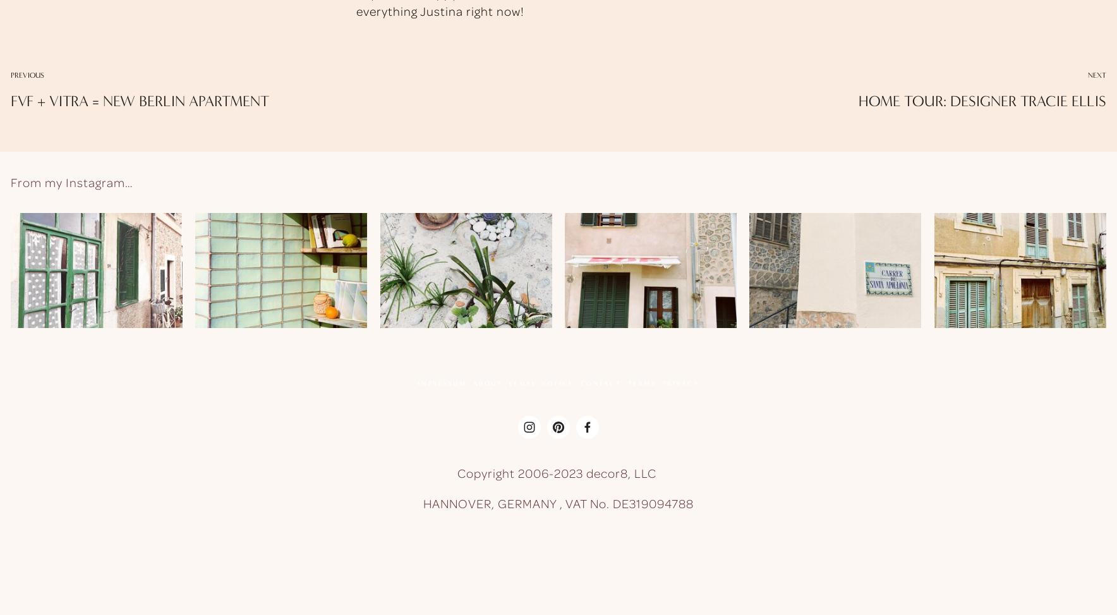 This screenshot has height=615, width=1117. What do you see at coordinates (982, 100) in the screenshot?
I see `'Home Tour: Designer Tracie Ellis'` at bounding box center [982, 100].